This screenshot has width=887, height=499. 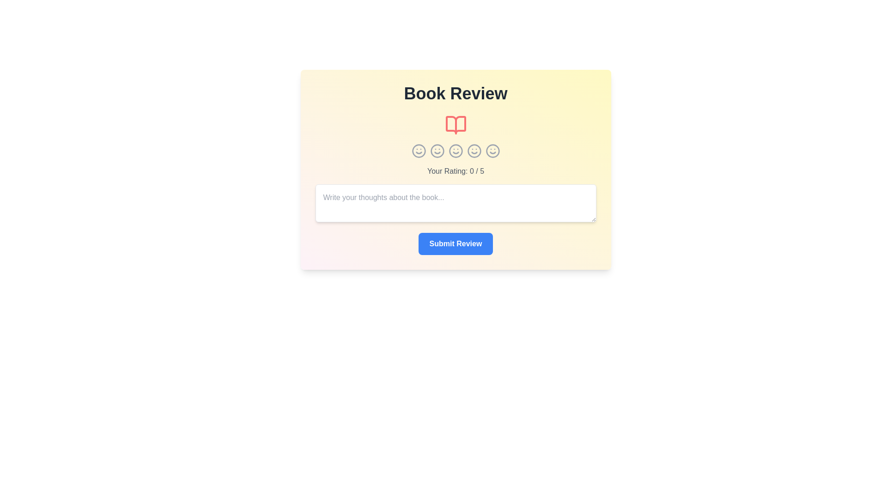 I want to click on the star icon corresponding to the rating 2 to set the rating, so click(x=437, y=151).